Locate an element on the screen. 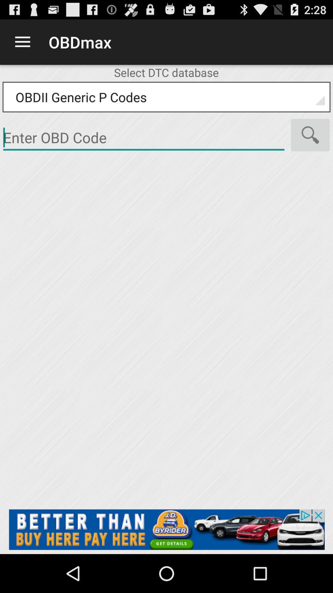 The height and width of the screenshot is (593, 333). obd is located at coordinates (144, 137).